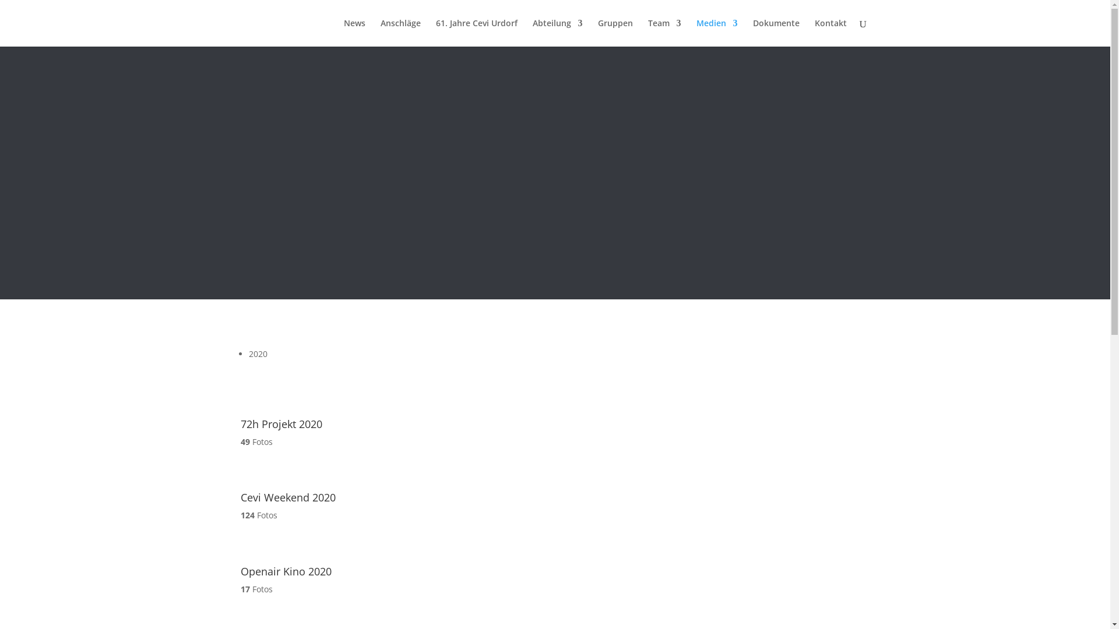 Image resolution: width=1119 pixels, height=629 pixels. I want to click on 'Team', so click(664, 32).